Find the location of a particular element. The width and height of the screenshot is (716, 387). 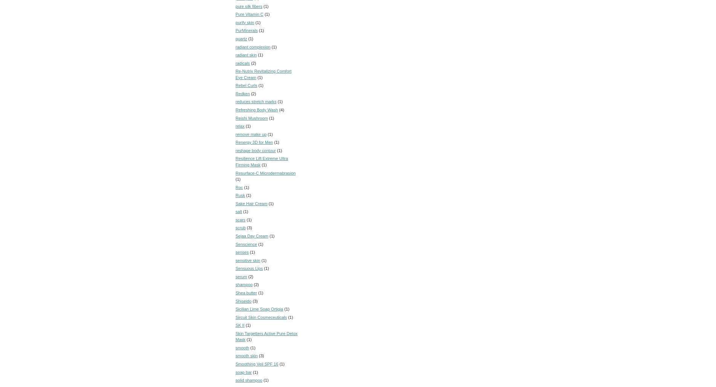

'shampoo' is located at coordinates (244, 284).